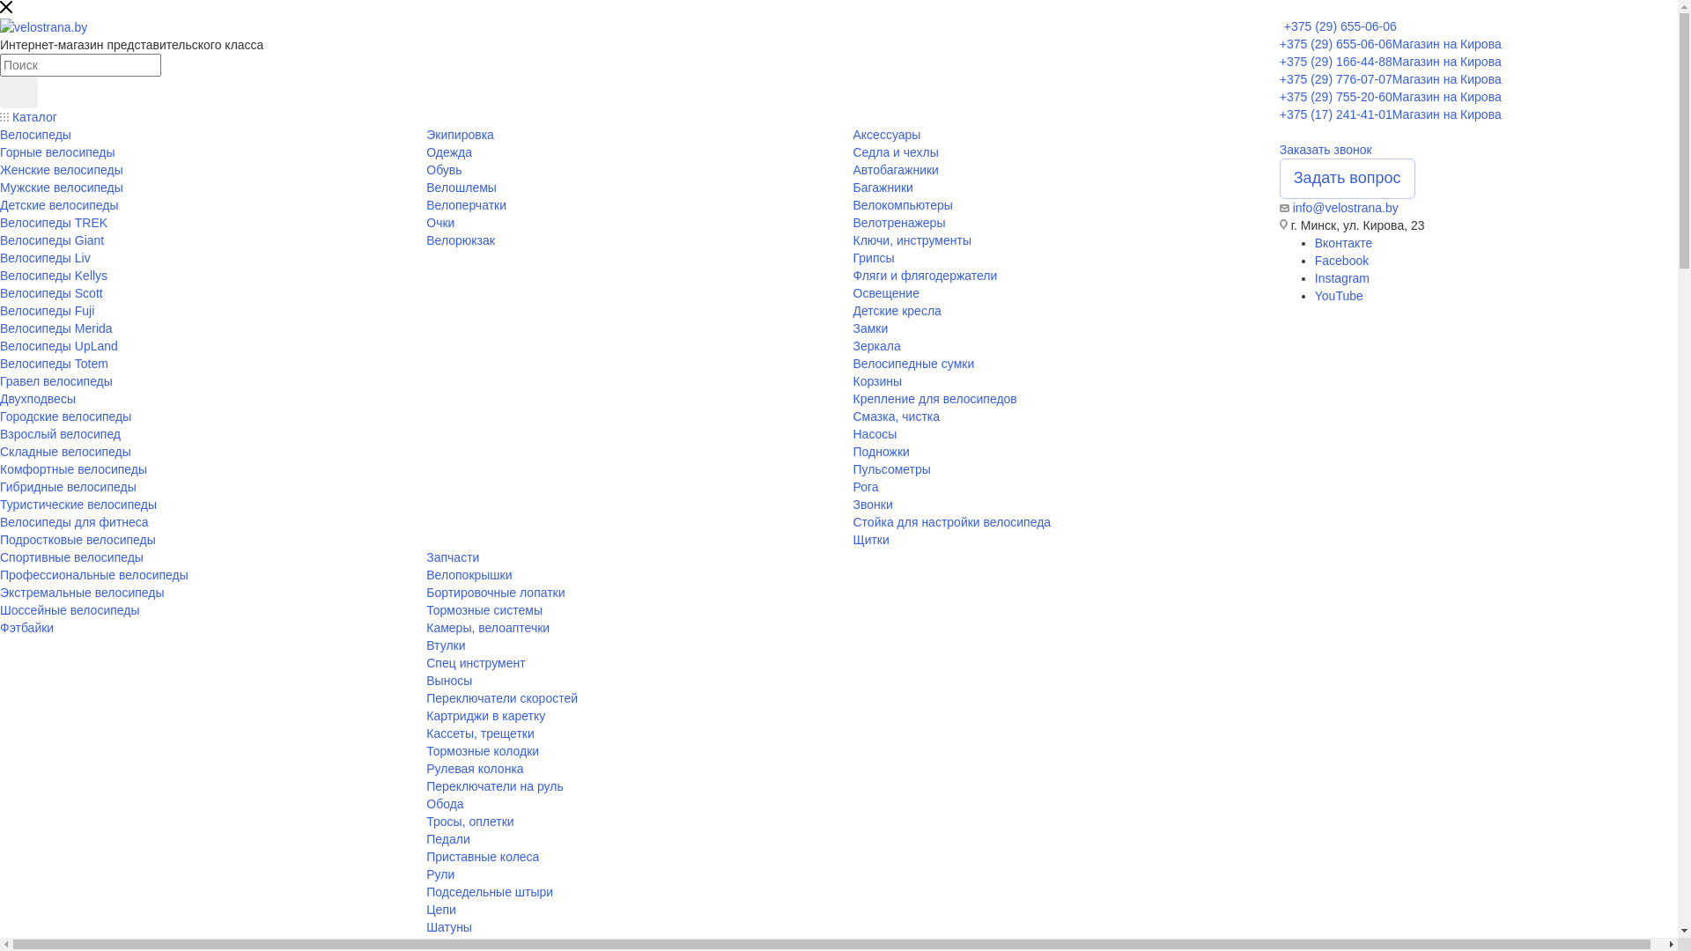 The image size is (1691, 951). Describe the element at coordinates (1284, 26) in the screenshot. I see `'+375 (29) 655-06-06'` at that location.